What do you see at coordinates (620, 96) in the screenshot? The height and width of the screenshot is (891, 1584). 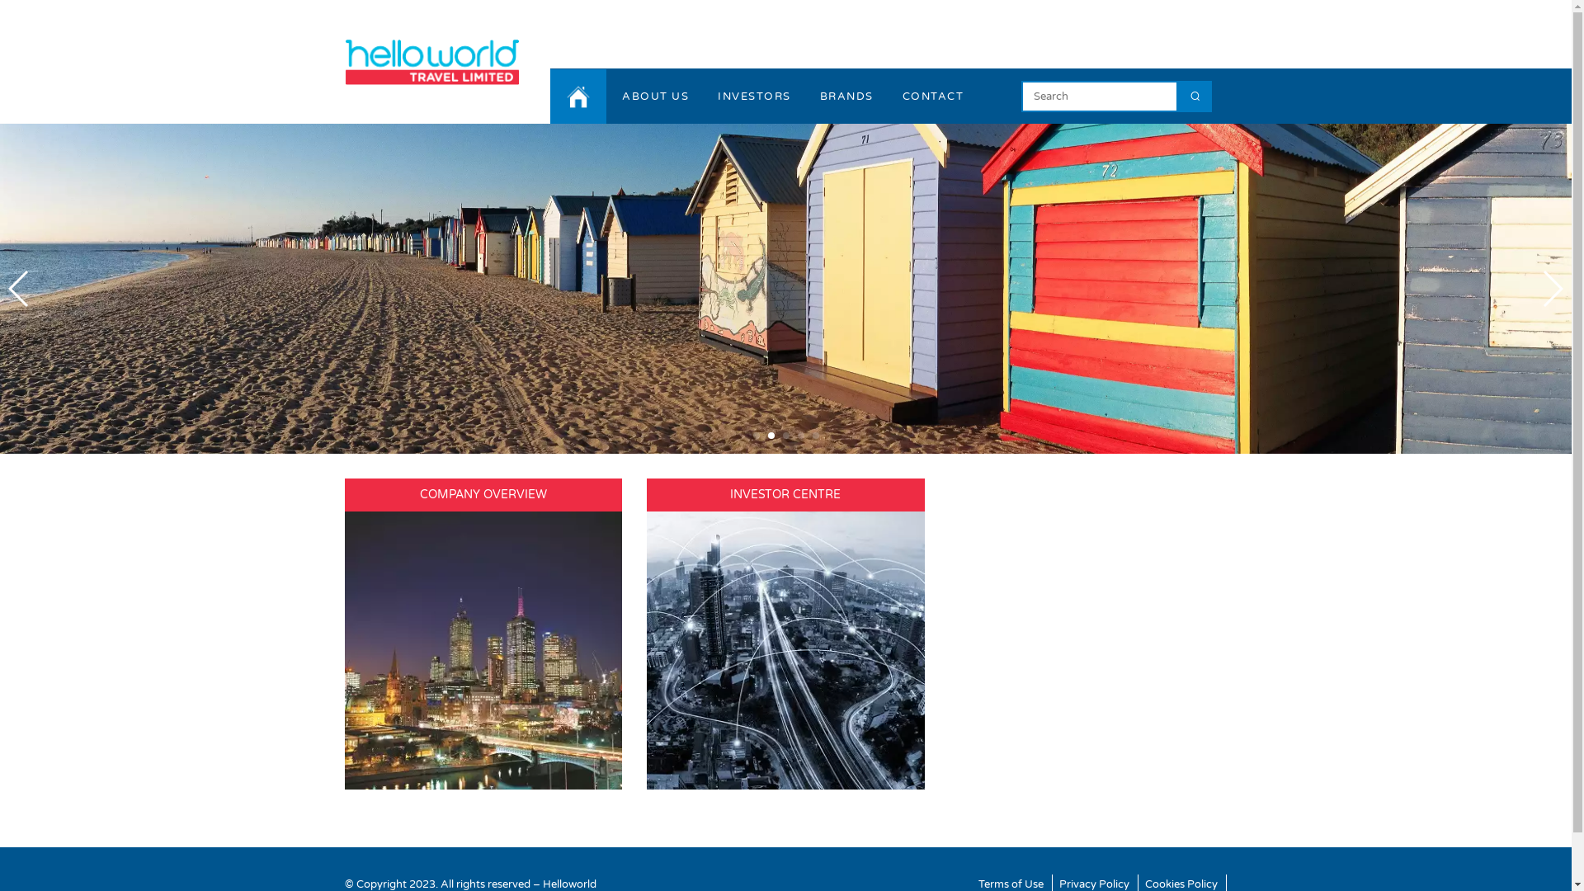 I see `'ABOUT US'` at bounding box center [620, 96].